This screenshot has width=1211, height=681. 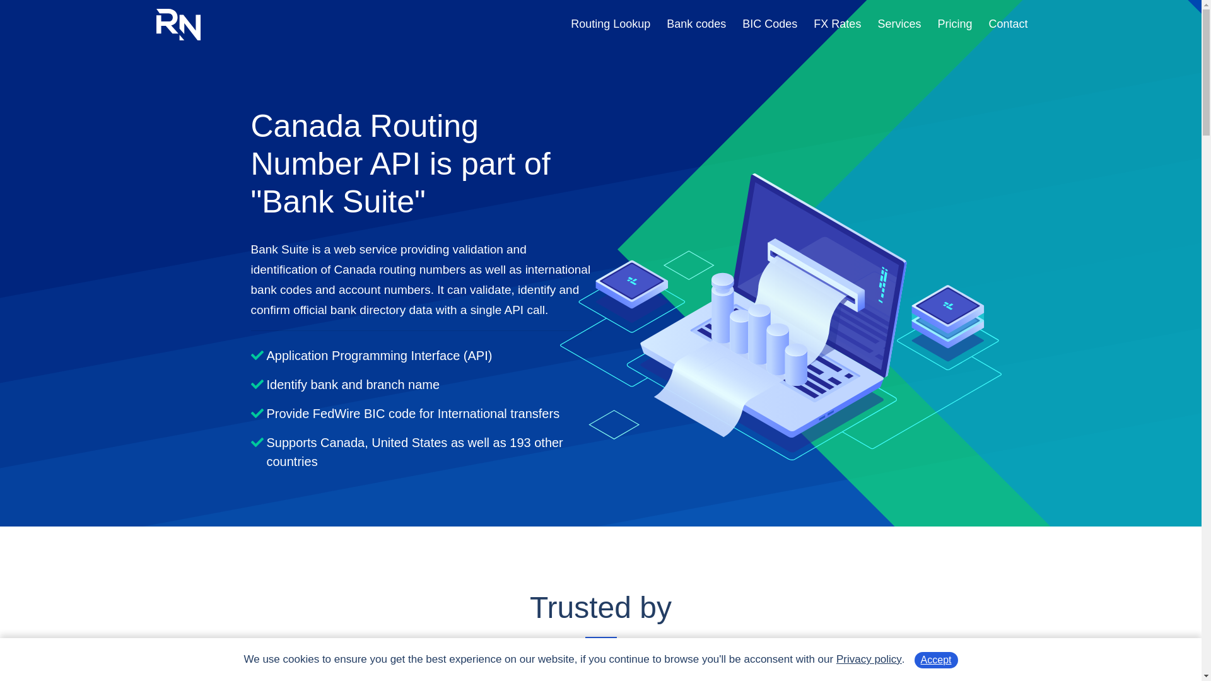 What do you see at coordinates (742, 24) in the screenshot?
I see `'BIC Codes'` at bounding box center [742, 24].